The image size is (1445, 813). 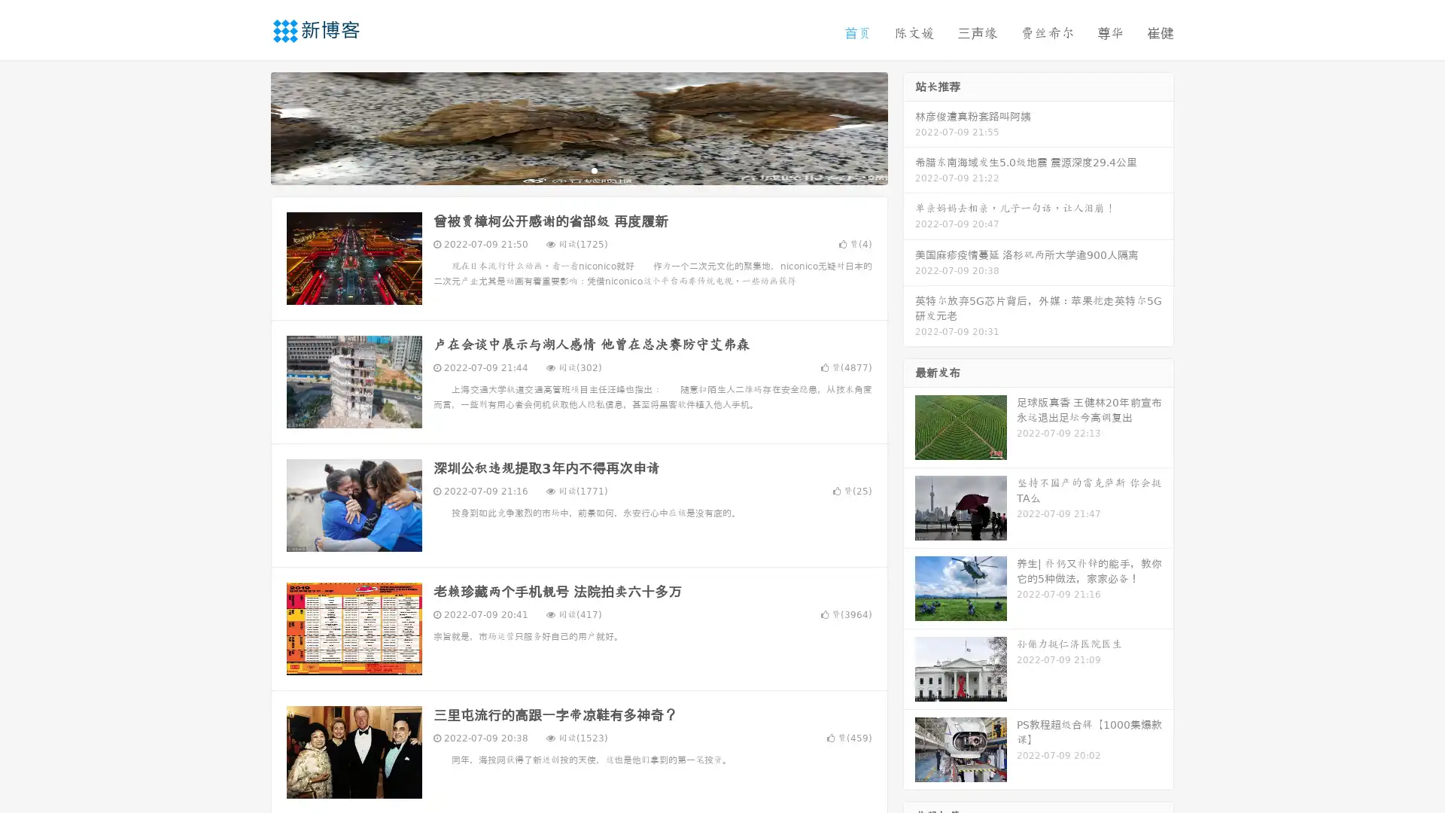 I want to click on Previous slide, so click(x=248, y=126).